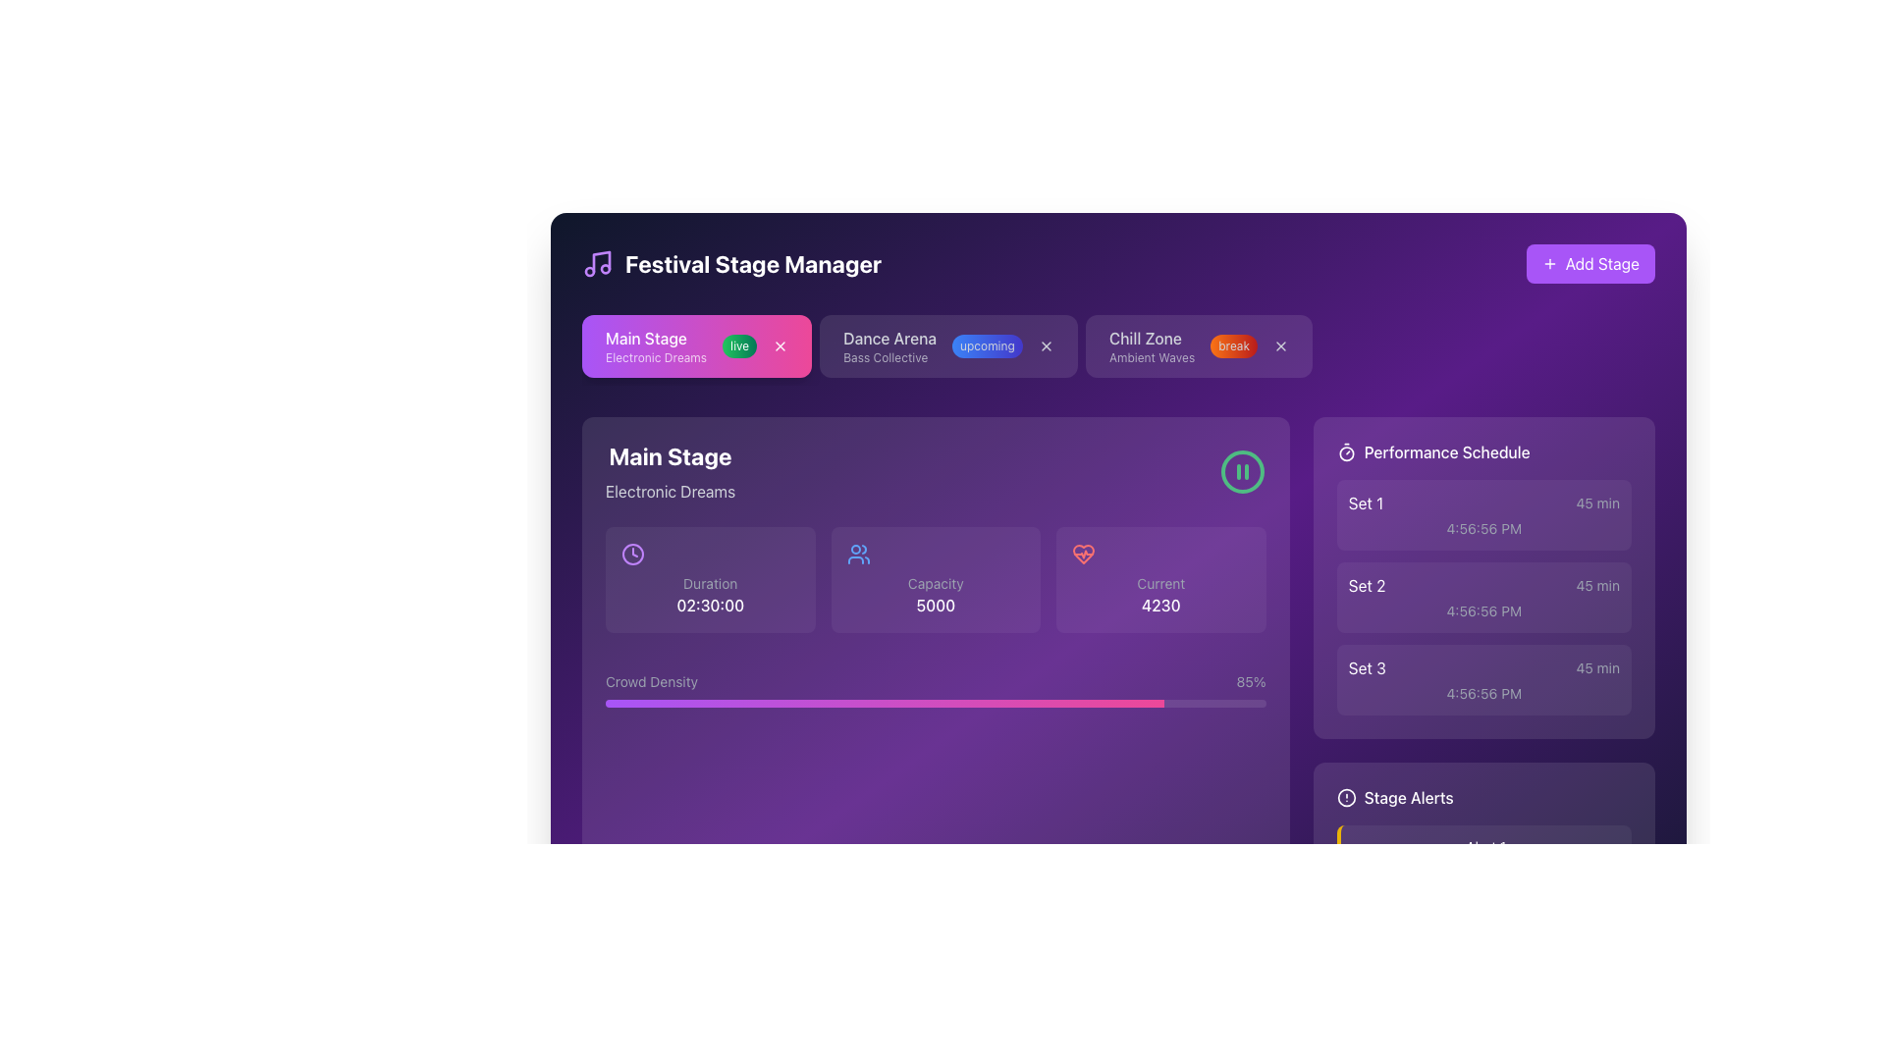 The height and width of the screenshot is (1060, 1885). What do you see at coordinates (1483, 679) in the screenshot?
I see `the third item in the vertical list labeled 'Set 3'` at bounding box center [1483, 679].